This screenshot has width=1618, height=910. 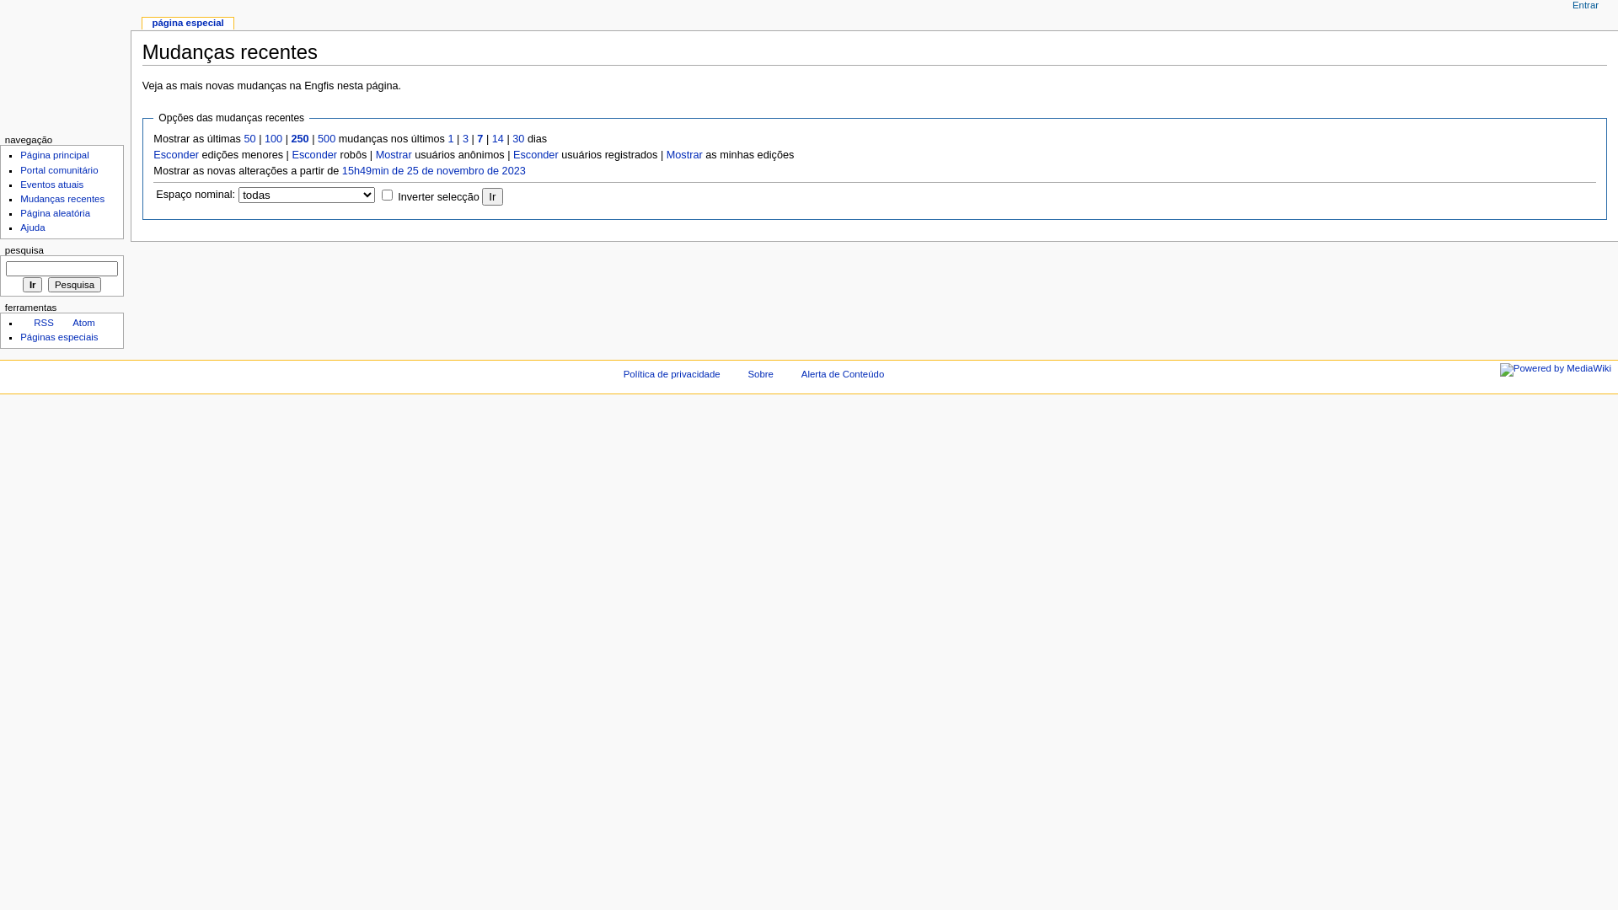 I want to click on '3', so click(x=462, y=138).